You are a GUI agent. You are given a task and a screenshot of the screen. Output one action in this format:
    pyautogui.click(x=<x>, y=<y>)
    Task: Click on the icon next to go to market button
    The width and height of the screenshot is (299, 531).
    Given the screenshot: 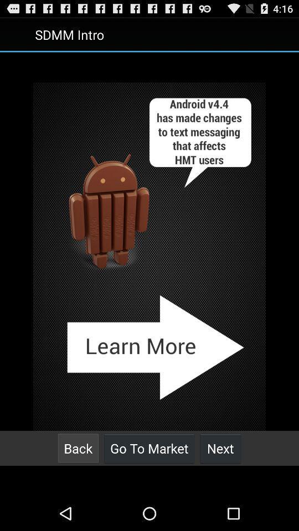 What is the action you would take?
    pyautogui.click(x=220, y=448)
    